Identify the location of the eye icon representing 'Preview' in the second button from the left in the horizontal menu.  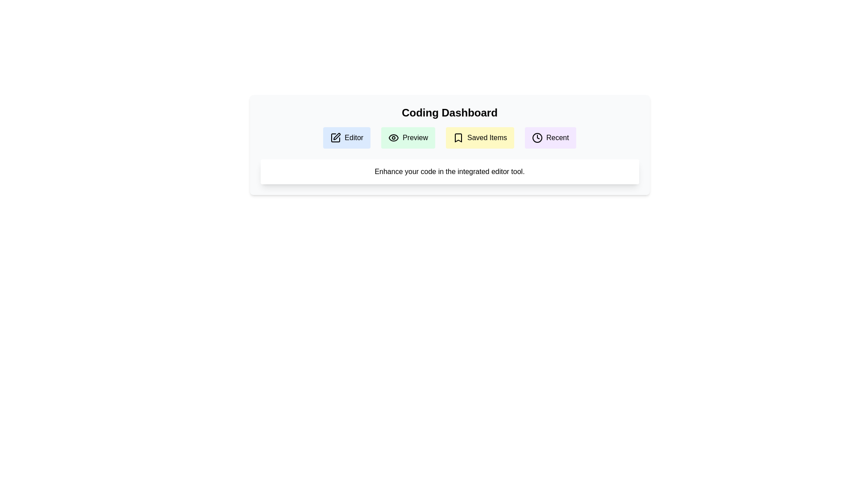
(393, 137).